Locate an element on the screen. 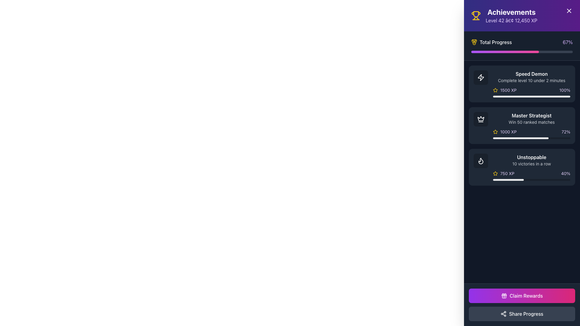  the 'Unstoppable' achievement icon, which is a decorative representation of persistence and energy, located at the top section of the achievement card is located at coordinates (481, 160).